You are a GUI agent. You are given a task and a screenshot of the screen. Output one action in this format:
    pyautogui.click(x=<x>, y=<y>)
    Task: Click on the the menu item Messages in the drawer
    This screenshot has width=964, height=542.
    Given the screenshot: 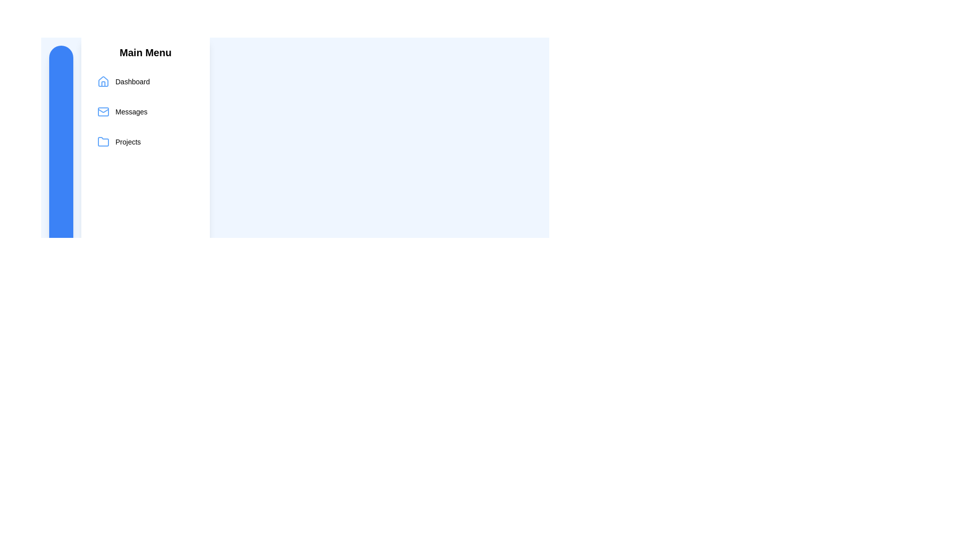 What is the action you would take?
    pyautogui.click(x=145, y=112)
    